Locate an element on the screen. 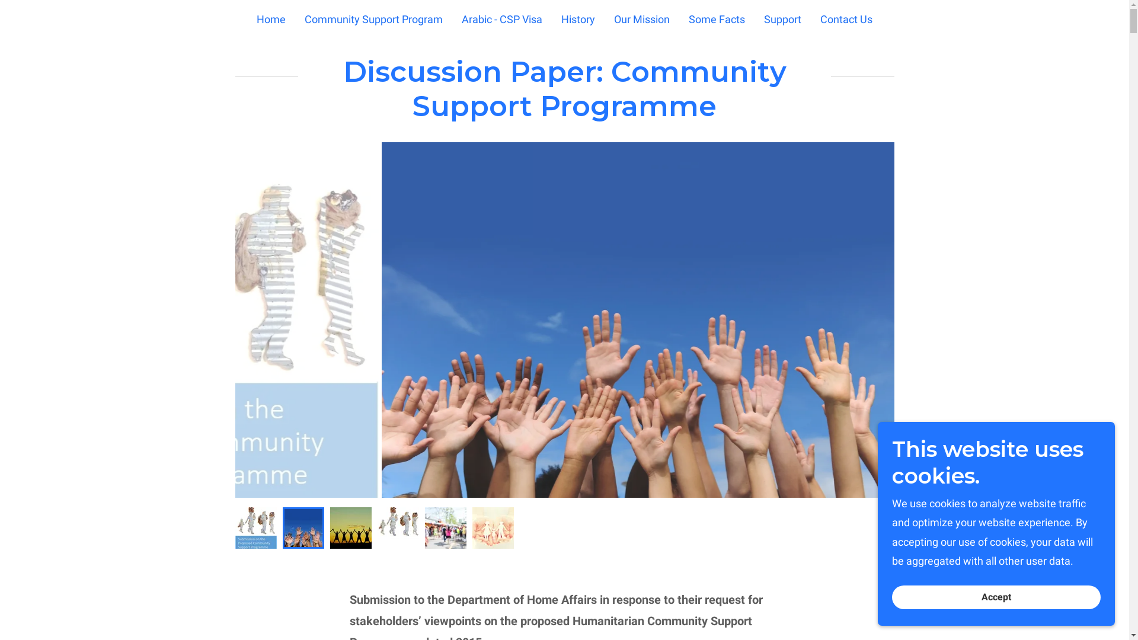 Image resolution: width=1138 pixels, height=640 pixels. 'Our Mission' is located at coordinates (641, 18).